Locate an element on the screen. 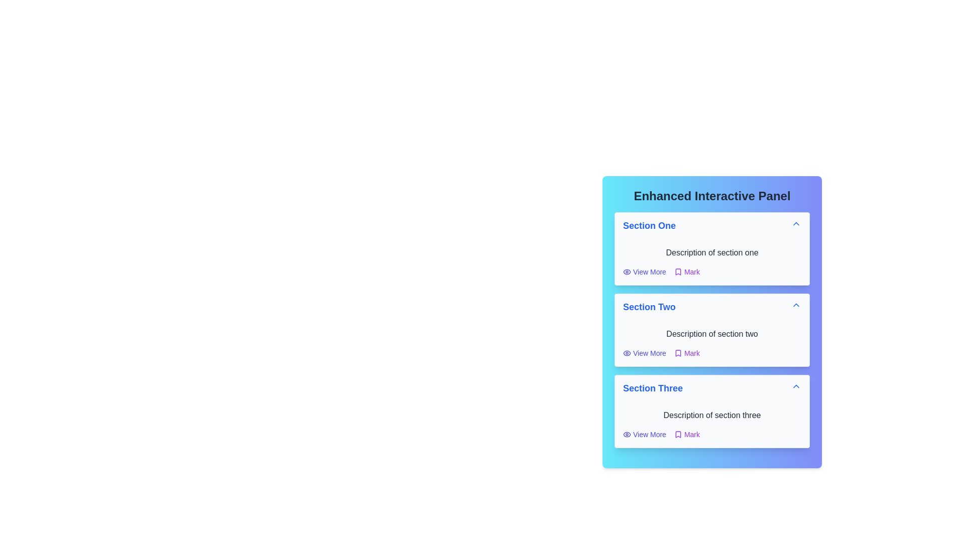 Image resolution: width=964 pixels, height=542 pixels. information provided in the main heading text label located at the top of the gradient background panel with rounded corners is located at coordinates (711, 196).